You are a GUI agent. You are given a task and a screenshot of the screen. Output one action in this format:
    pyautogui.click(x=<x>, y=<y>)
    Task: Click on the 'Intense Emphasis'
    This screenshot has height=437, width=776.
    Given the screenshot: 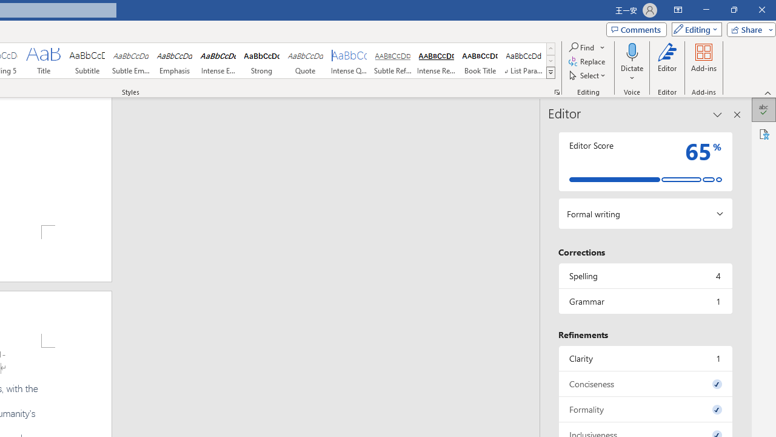 What is the action you would take?
    pyautogui.click(x=218, y=61)
    